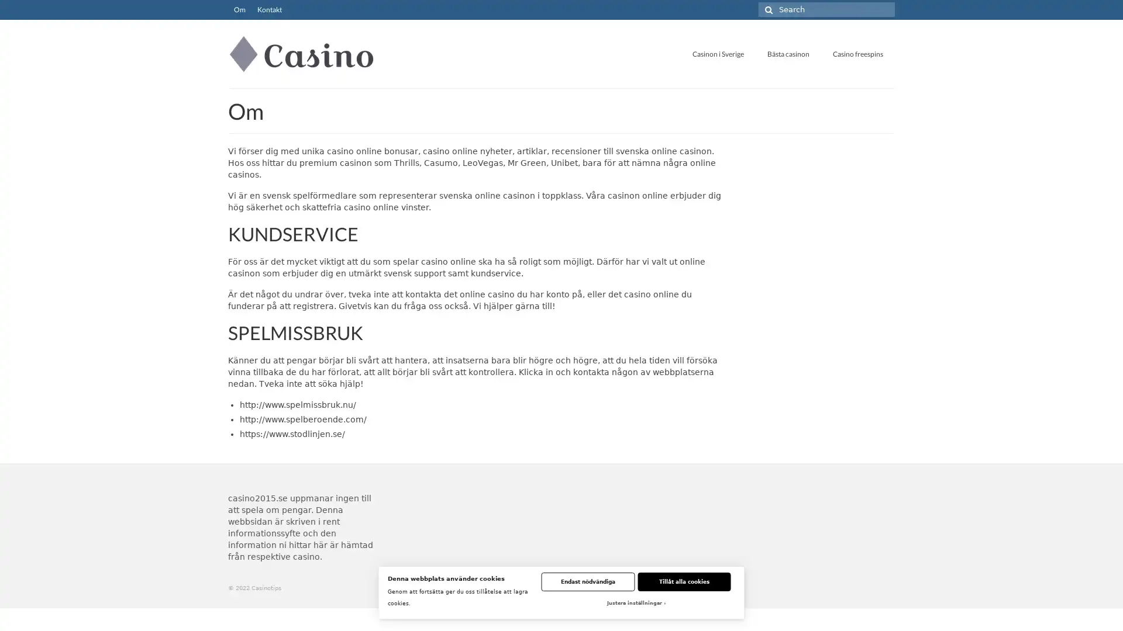  Describe the element at coordinates (587, 581) in the screenshot. I see `Endast nodvandiga` at that location.